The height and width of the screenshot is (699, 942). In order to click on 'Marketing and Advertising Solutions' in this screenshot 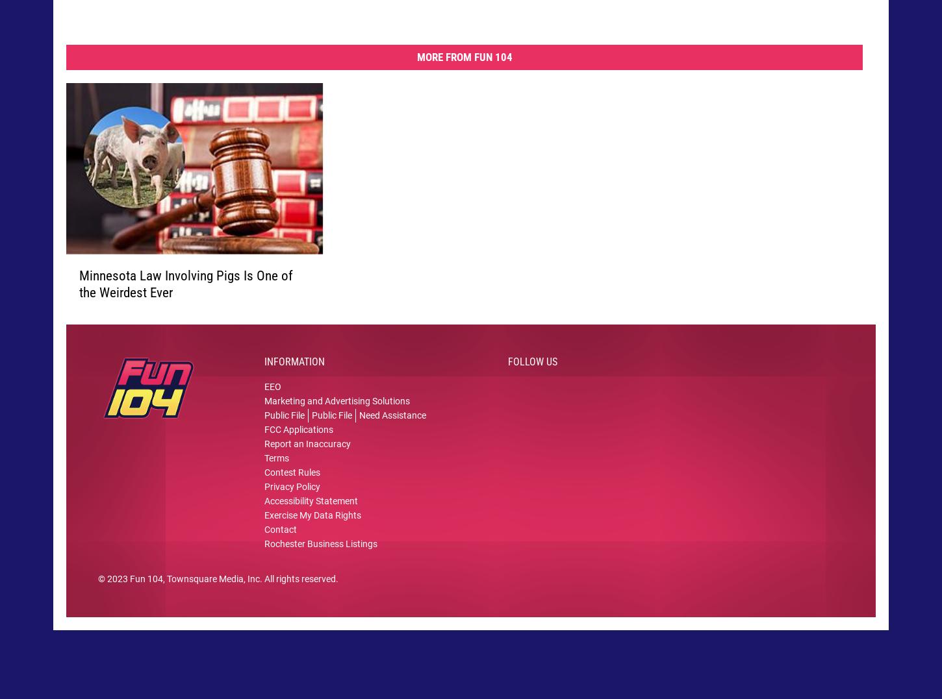, I will do `click(264, 411)`.